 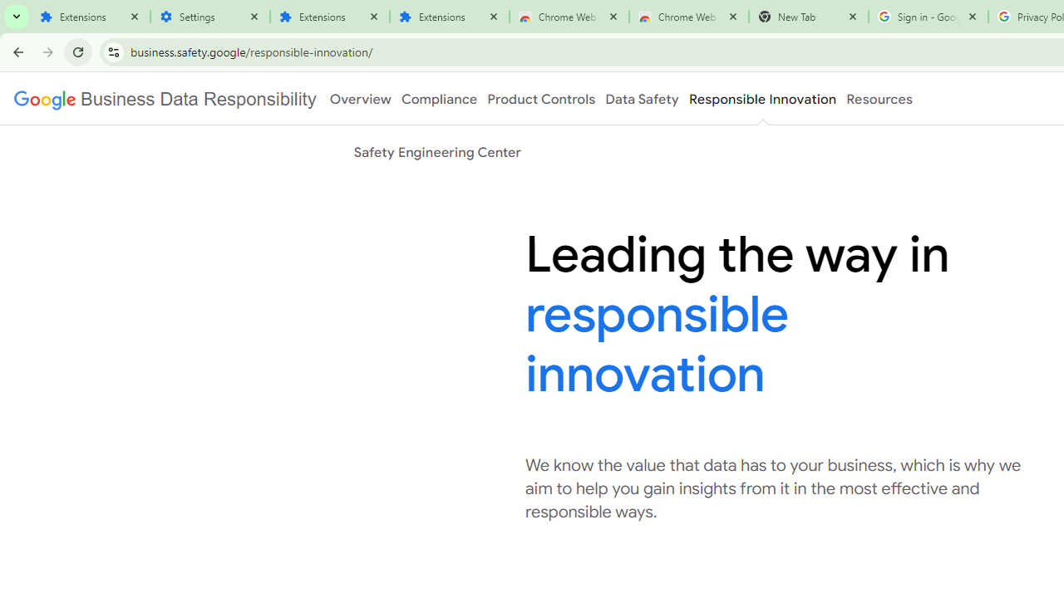 I want to click on 'Settings', so click(x=209, y=17).